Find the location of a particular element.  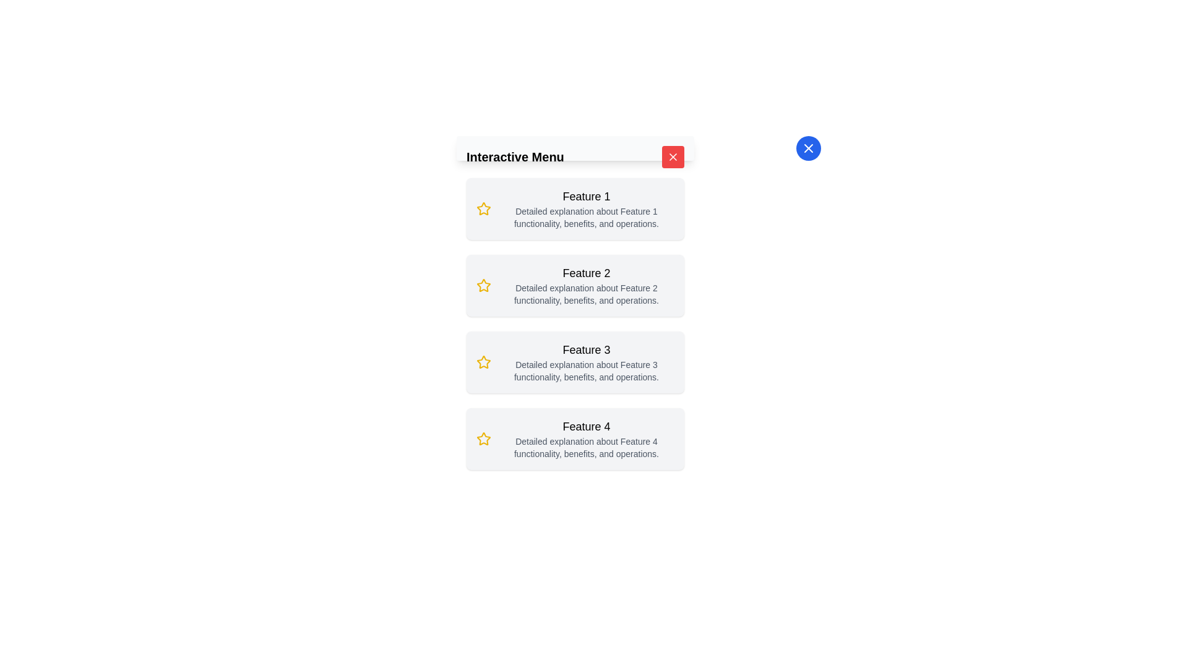

the text reading 'Detailed explanation about Feature 4 functionality, benefits, and operations.' which is positioned below the heading 'Feature 4' is located at coordinates (586, 448).